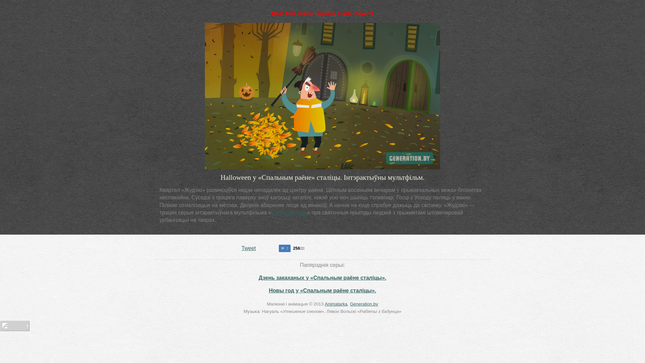  What do you see at coordinates (349, 304) in the screenshot?
I see `'Generation.by'` at bounding box center [349, 304].